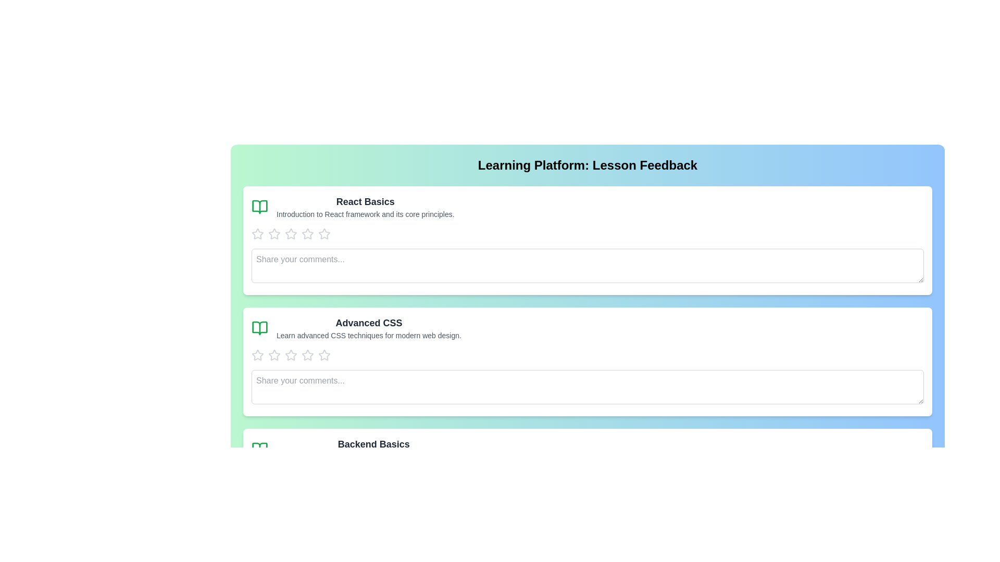 Image resolution: width=1000 pixels, height=562 pixels. What do you see at coordinates (274, 234) in the screenshot?
I see `the third star in the rating system under the 'React Basics' lesson` at bounding box center [274, 234].